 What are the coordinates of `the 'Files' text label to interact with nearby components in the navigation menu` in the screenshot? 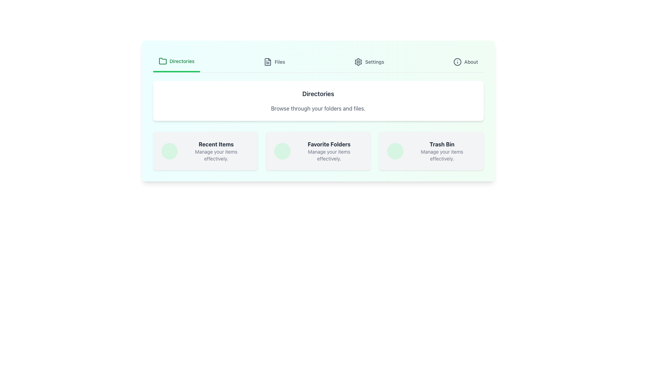 It's located at (280, 62).